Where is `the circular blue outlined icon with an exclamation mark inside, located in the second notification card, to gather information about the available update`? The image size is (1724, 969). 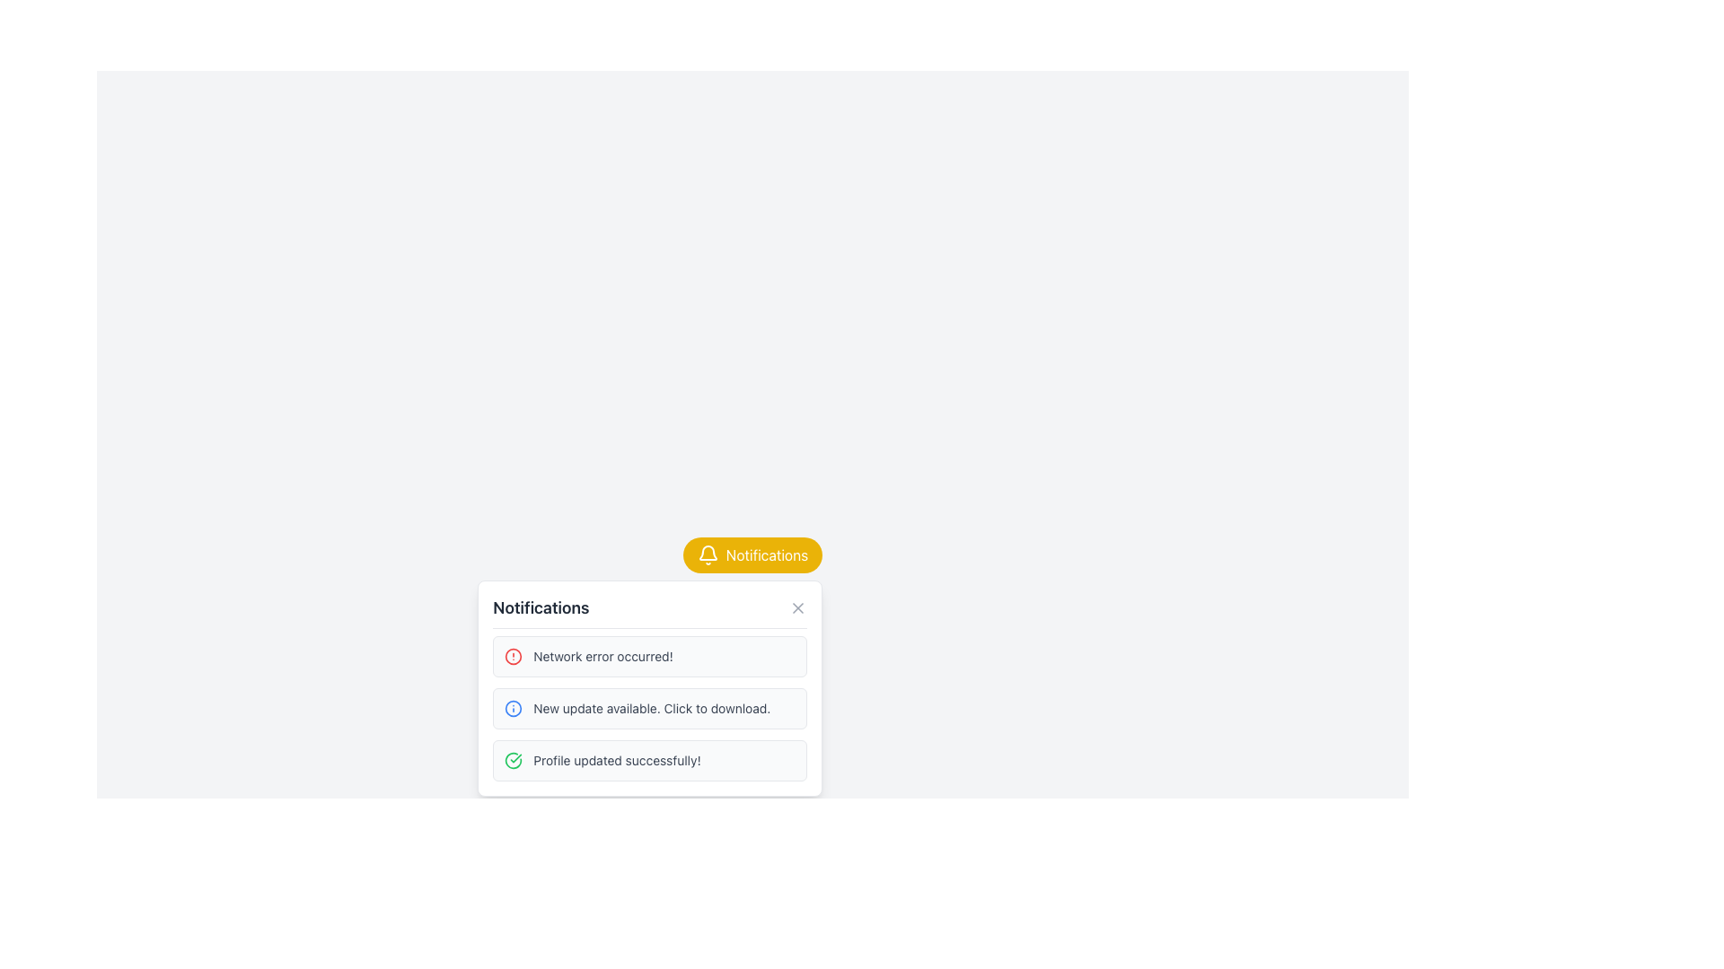
the circular blue outlined icon with an exclamation mark inside, located in the second notification card, to gather information about the available update is located at coordinates (513, 708).